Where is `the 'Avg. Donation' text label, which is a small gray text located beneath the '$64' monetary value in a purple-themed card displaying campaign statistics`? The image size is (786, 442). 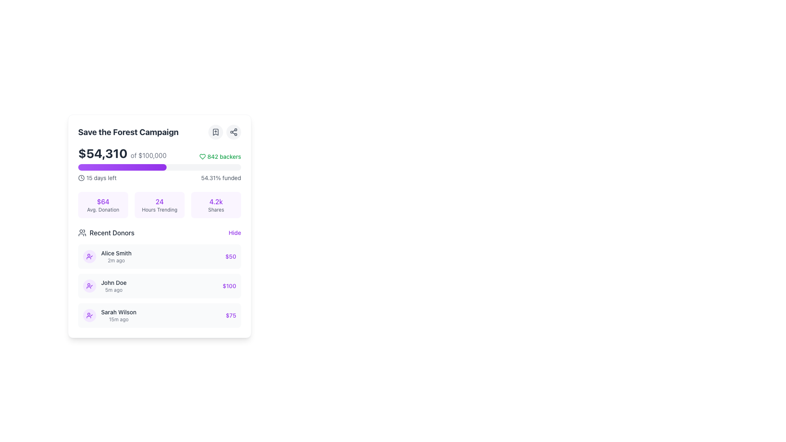 the 'Avg. Donation' text label, which is a small gray text located beneath the '$64' monetary value in a purple-themed card displaying campaign statistics is located at coordinates (103, 210).